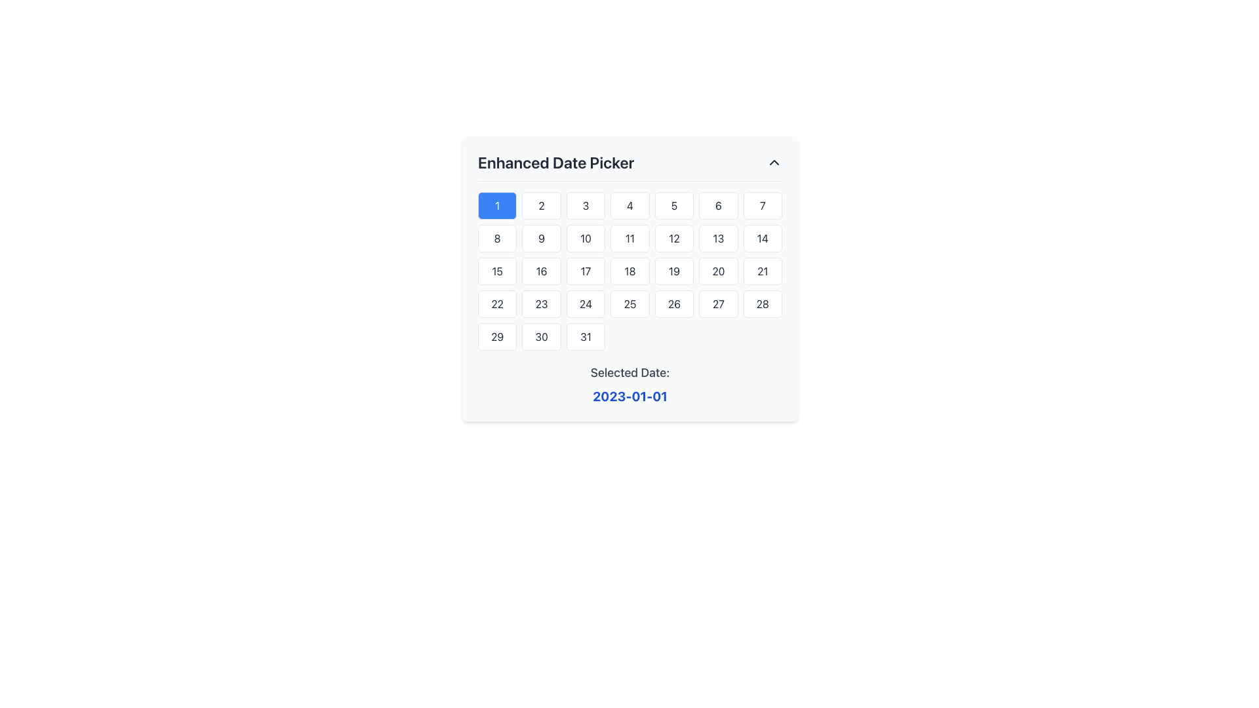 This screenshot has width=1259, height=708. What do you see at coordinates (629, 238) in the screenshot?
I see `the button labeled '11' in the date picker interface` at bounding box center [629, 238].